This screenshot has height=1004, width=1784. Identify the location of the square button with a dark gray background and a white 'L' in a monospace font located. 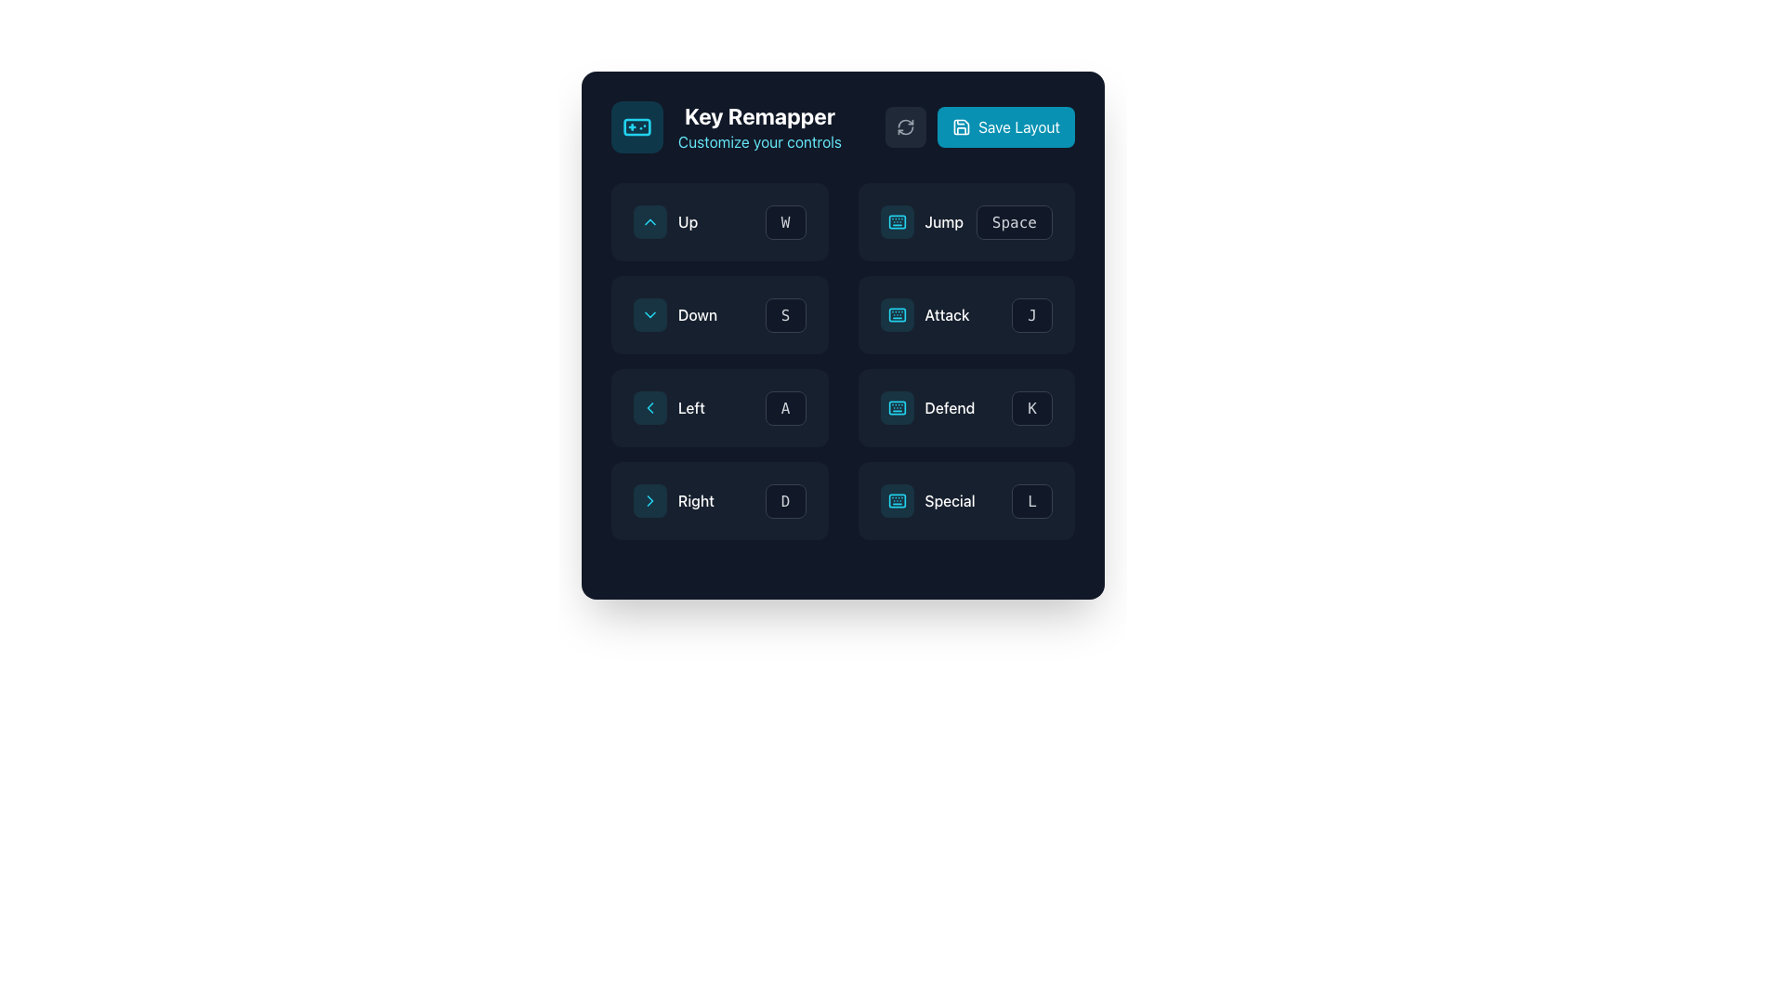
(1030, 500).